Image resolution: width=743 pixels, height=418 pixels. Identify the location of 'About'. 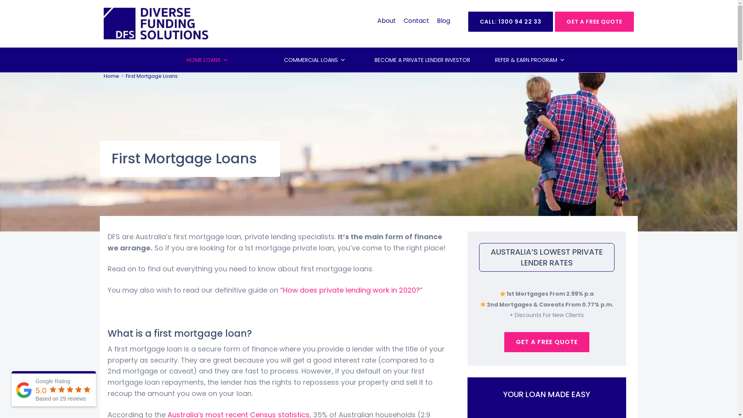
(386, 20).